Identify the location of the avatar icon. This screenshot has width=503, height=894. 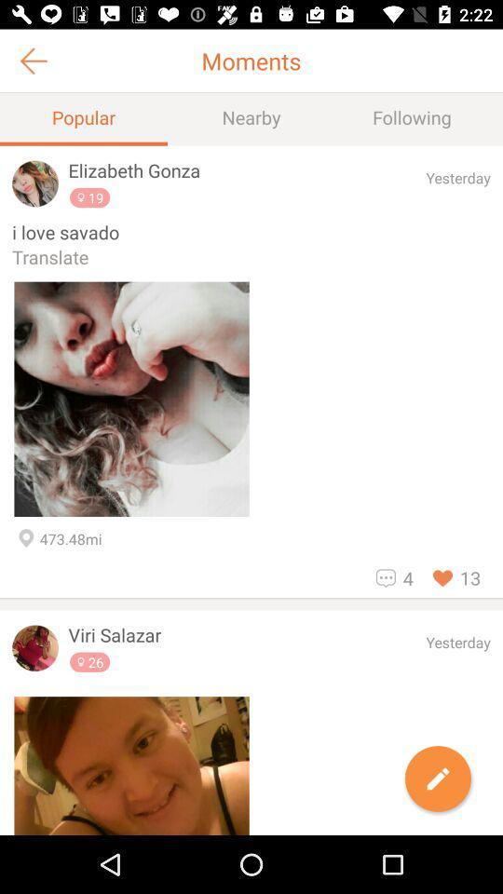
(35, 648).